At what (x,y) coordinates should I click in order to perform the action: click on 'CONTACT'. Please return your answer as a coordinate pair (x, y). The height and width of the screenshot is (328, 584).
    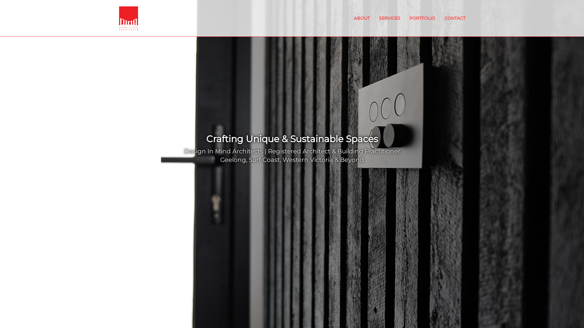
    Looking at the image, I should click on (455, 18).